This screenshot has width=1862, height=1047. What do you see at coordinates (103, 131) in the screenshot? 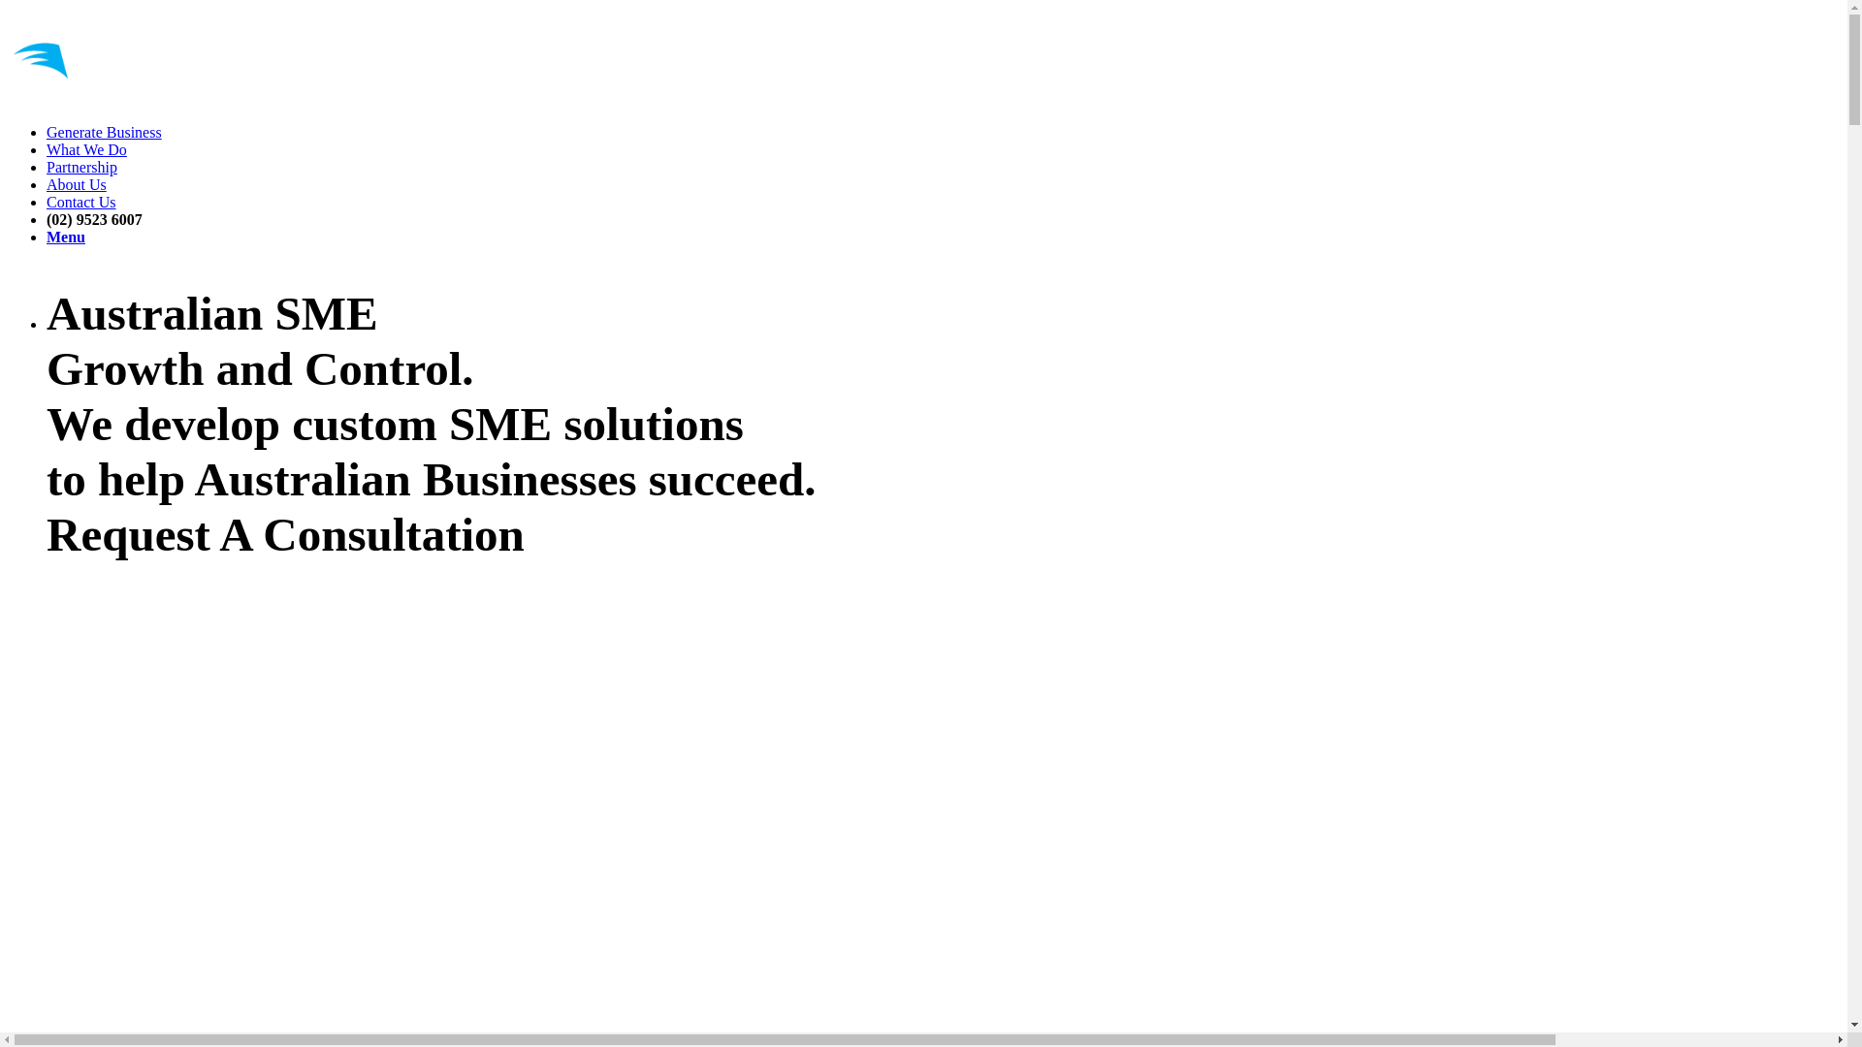
I see `'Generate Business'` at bounding box center [103, 131].